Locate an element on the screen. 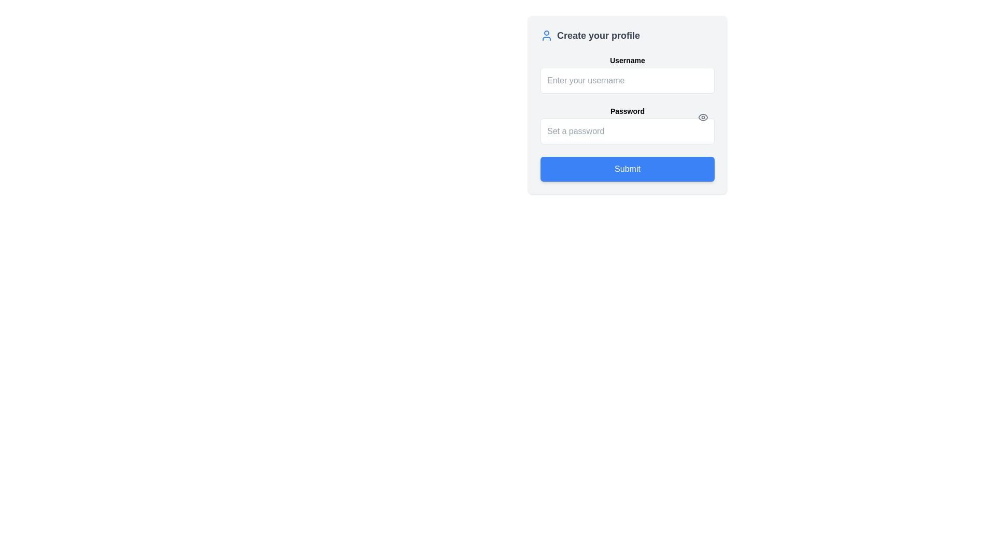  the password input field and visibility toggle button located in the 'Create your profile' form to potentially see interactive styling changes is located at coordinates (627, 125).